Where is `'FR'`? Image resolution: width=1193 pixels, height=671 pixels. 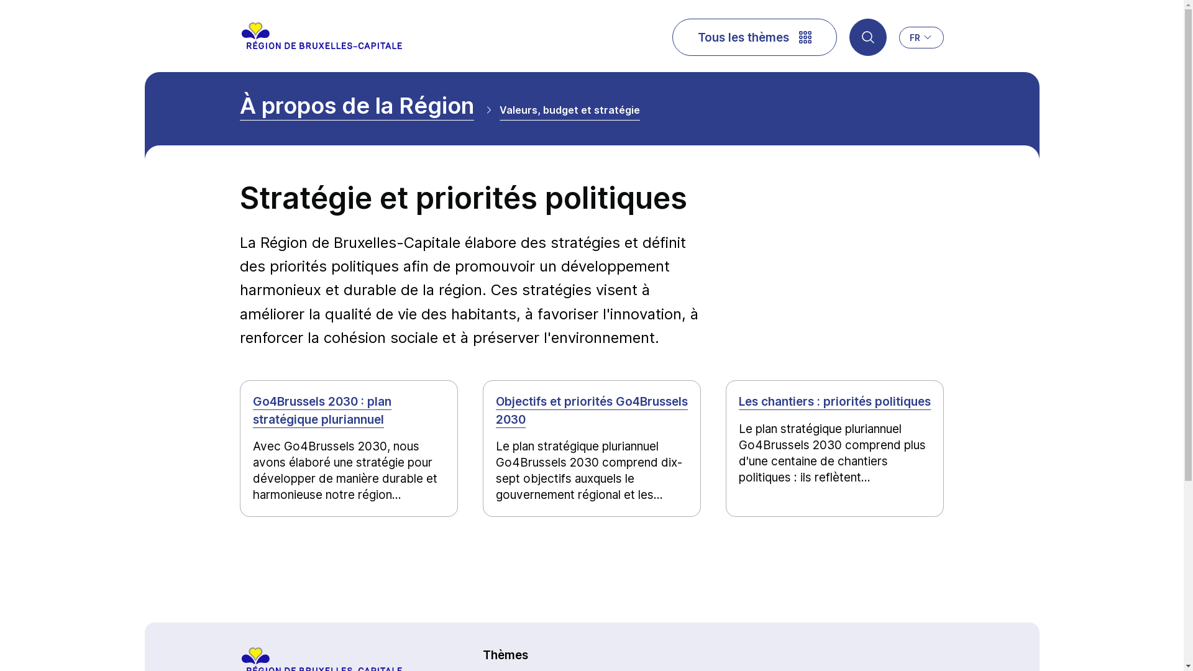 'FR' is located at coordinates (921, 36).